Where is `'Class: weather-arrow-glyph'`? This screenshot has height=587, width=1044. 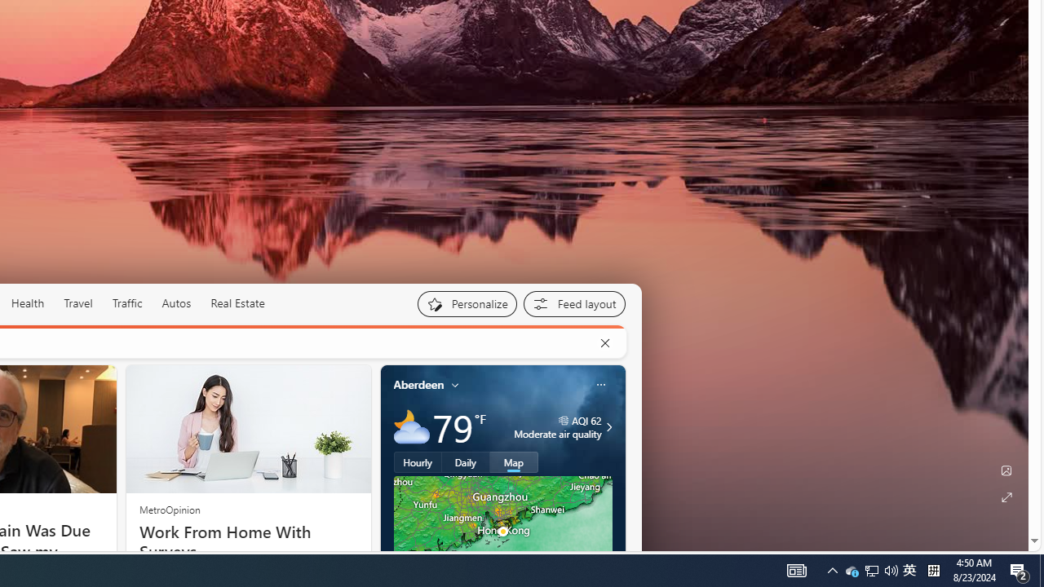
'Class: weather-arrow-glyph' is located at coordinates (608, 426).